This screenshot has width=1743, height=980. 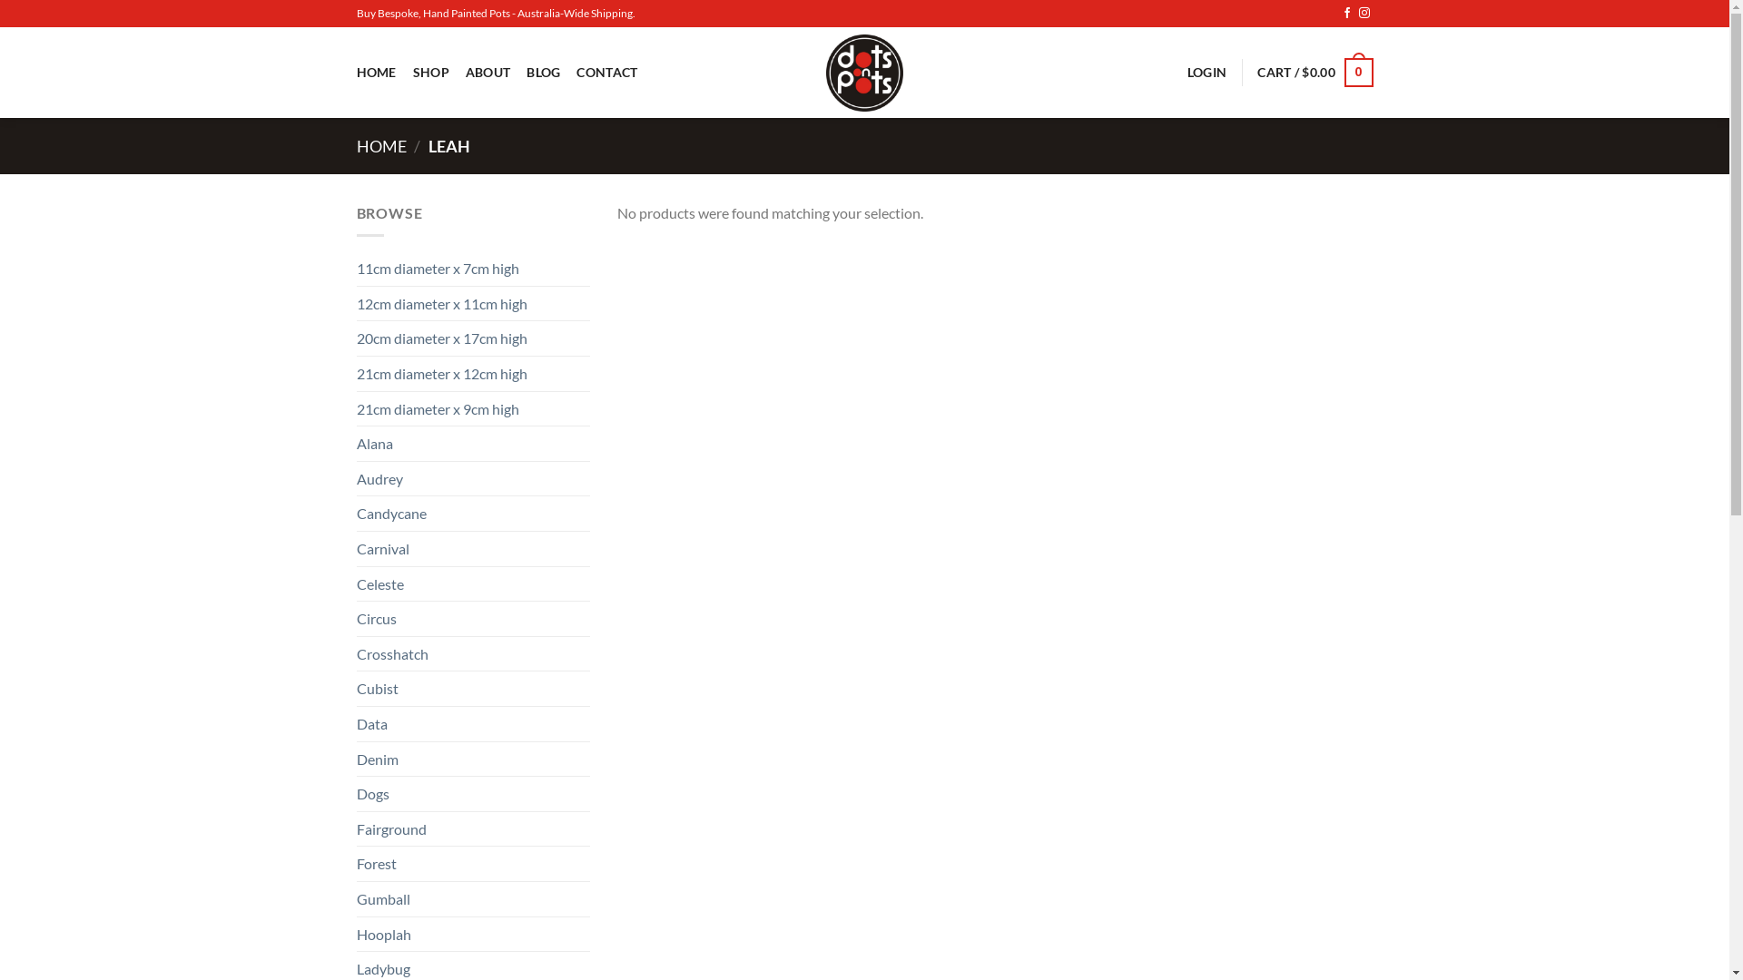 I want to click on 'Gumball', so click(x=473, y=899).